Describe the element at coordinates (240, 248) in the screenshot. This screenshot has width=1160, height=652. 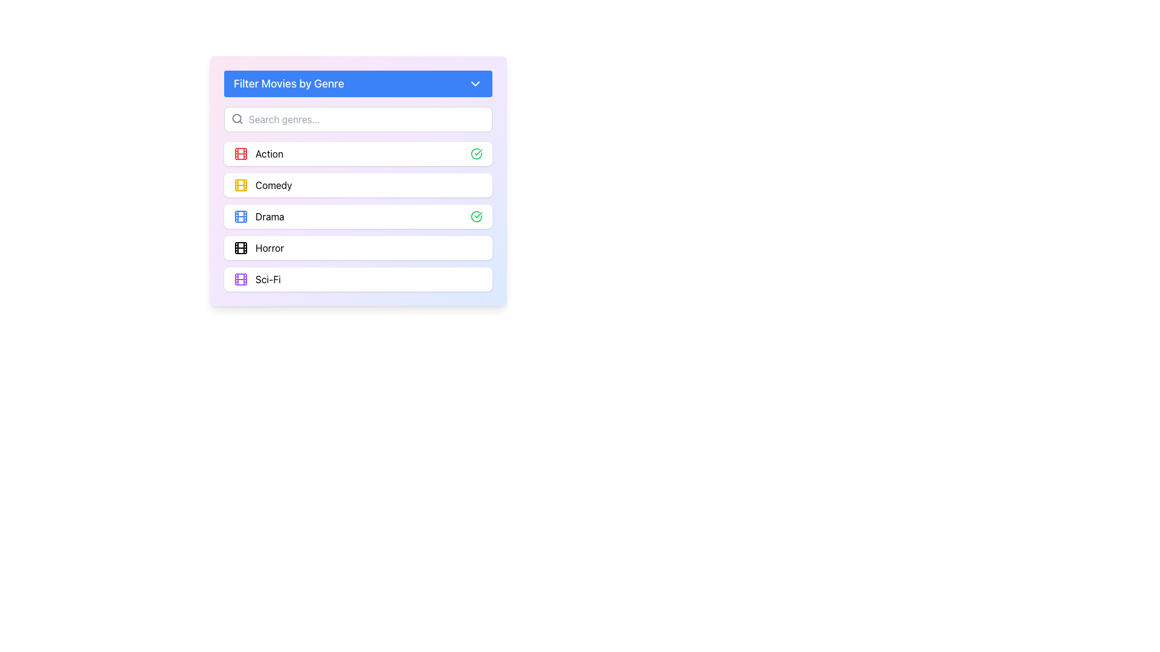
I see `the Horror genre icon located in the fourth row, which serves as a decorative indicator for the genre` at that location.